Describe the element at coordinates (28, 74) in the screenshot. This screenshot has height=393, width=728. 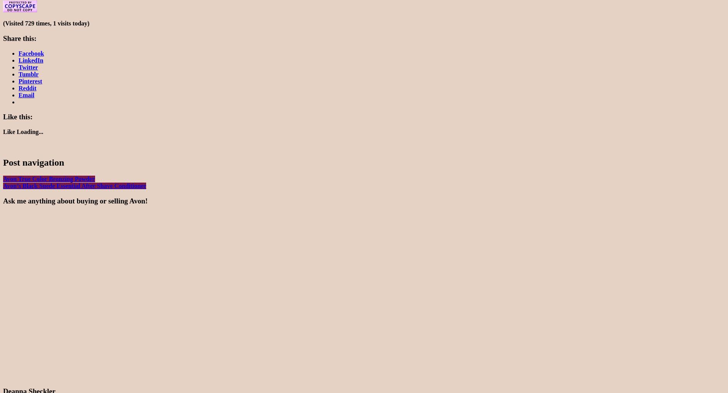
I see `'Tumblr'` at that location.